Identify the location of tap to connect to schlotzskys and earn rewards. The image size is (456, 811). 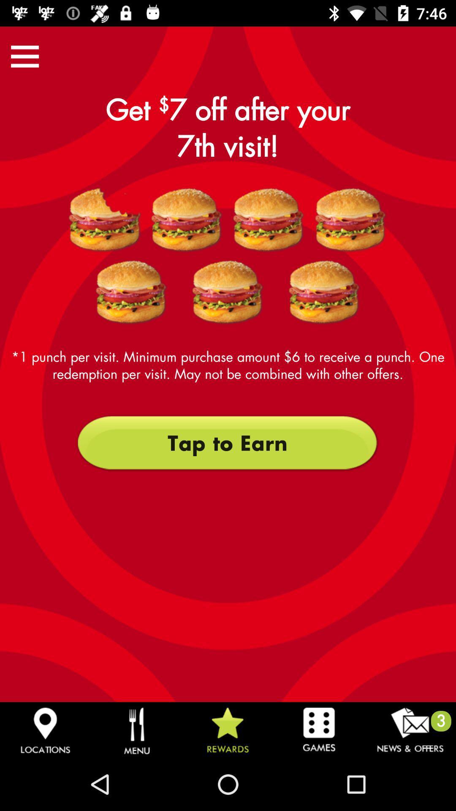
(105, 220).